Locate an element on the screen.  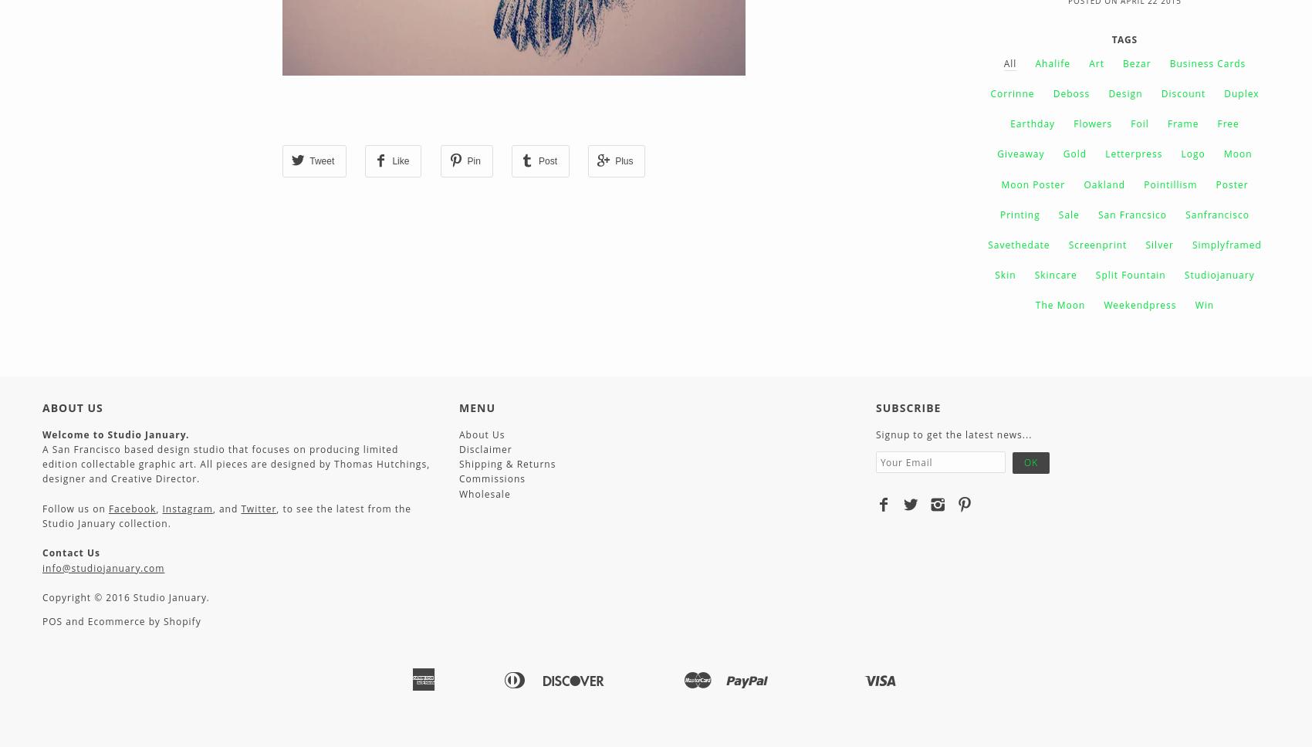
'Frame' is located at coordinates (1182, 123).